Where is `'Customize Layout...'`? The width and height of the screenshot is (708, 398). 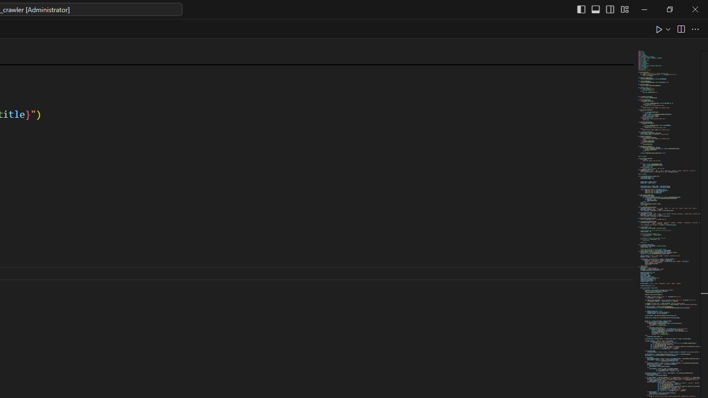 'Customize Layout...' is located at coordinates (624, 9).